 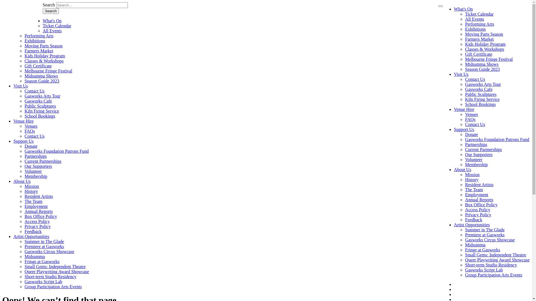 What do you see at coordinates (476, 194) in the screenshot?
I see `'Employment'` at bounding box center [476, 194].